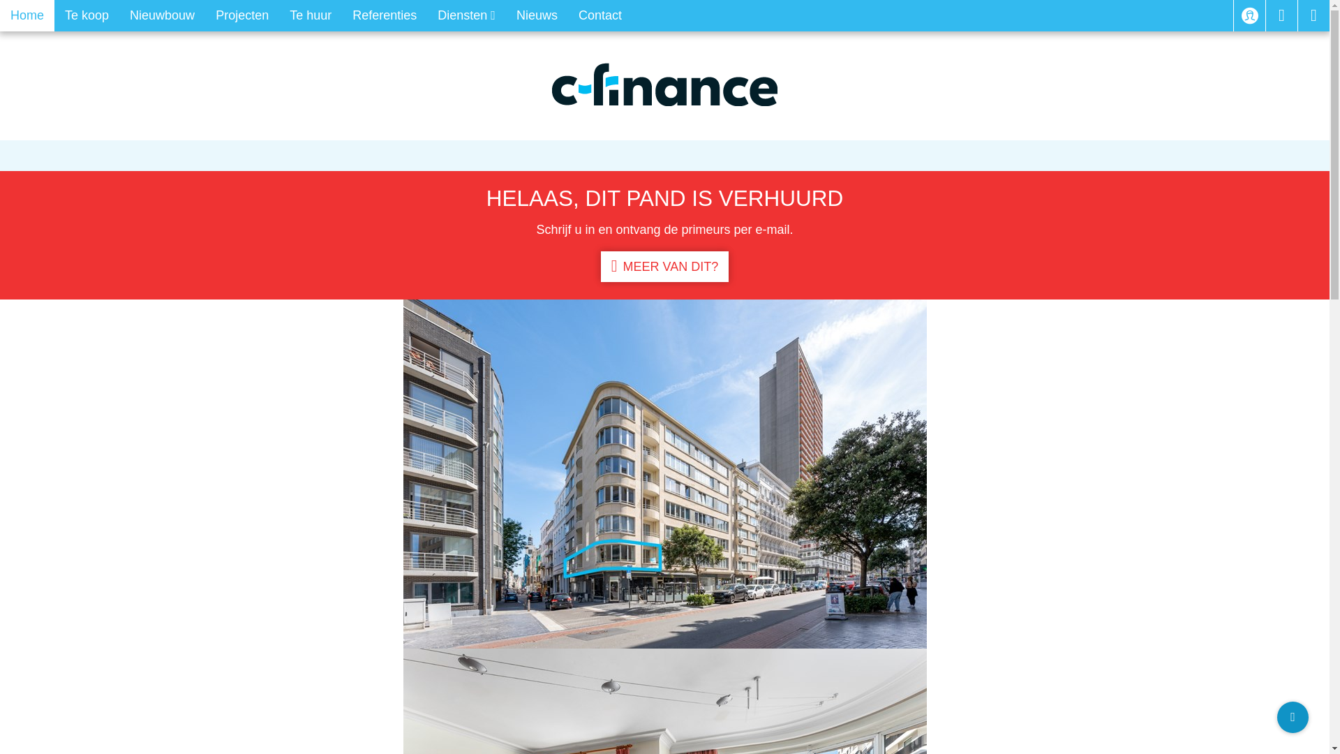  I want to click on 'Contact', so click(600, 15).